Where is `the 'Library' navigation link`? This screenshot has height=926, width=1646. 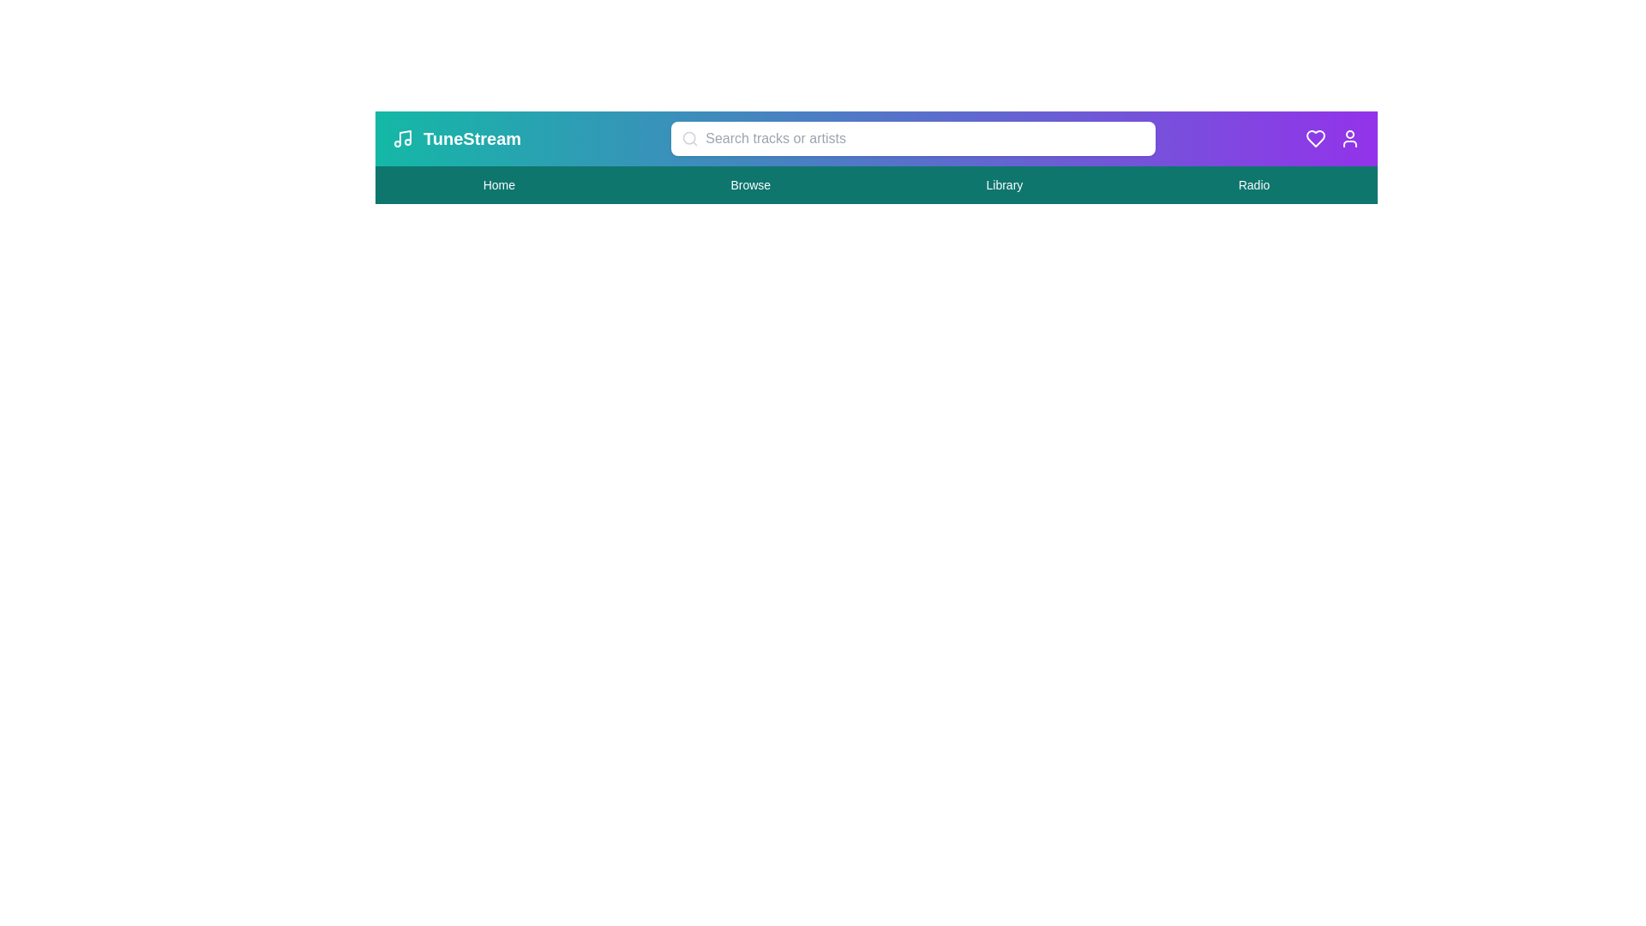 the 'Library' navigation link is located at coordinates (1004, 185).